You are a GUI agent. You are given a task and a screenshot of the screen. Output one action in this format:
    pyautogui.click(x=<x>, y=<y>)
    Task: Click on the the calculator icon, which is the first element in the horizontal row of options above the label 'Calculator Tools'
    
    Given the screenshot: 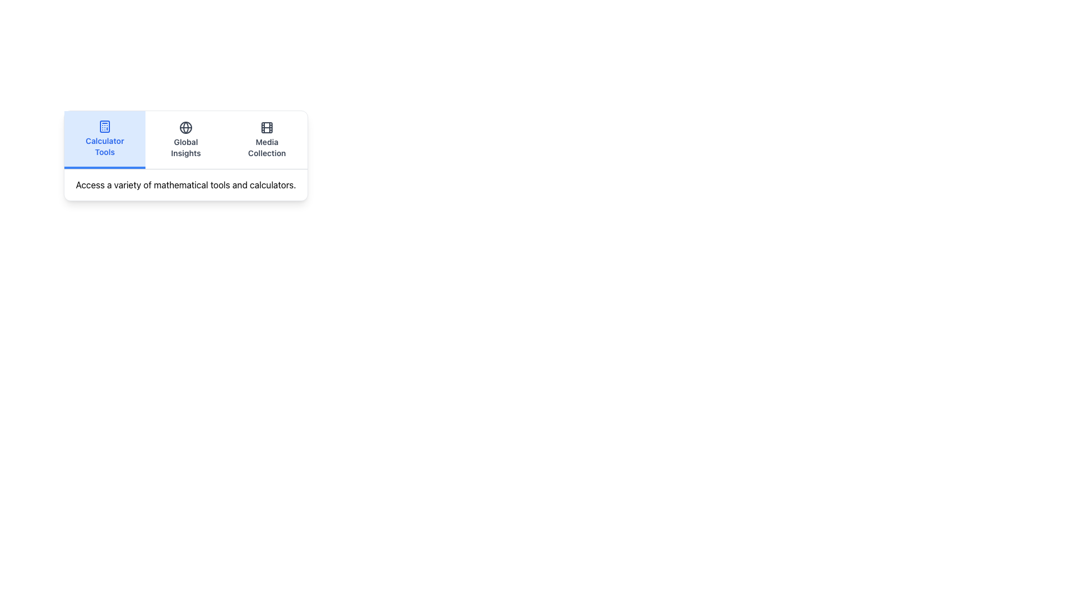 What is the action you would take?
    pyautogui.click(x=104, y=126)
    